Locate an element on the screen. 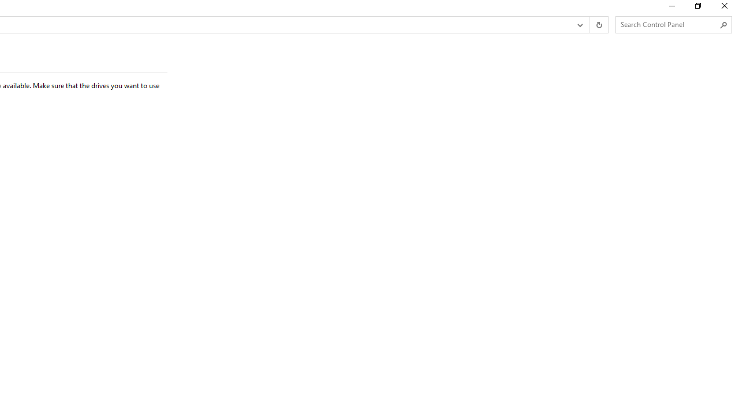  'Search Box' is located at coordinates (668, 24).